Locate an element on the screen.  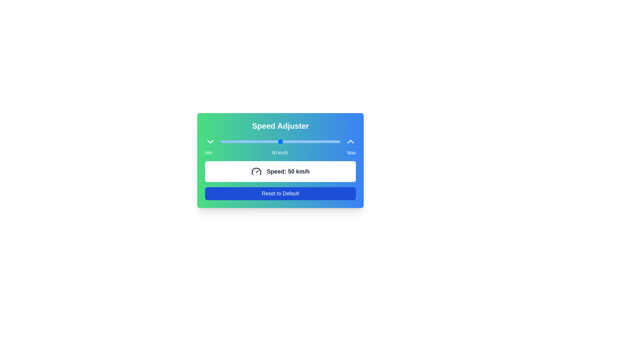
the slider position is located at coordinates (231, 141).